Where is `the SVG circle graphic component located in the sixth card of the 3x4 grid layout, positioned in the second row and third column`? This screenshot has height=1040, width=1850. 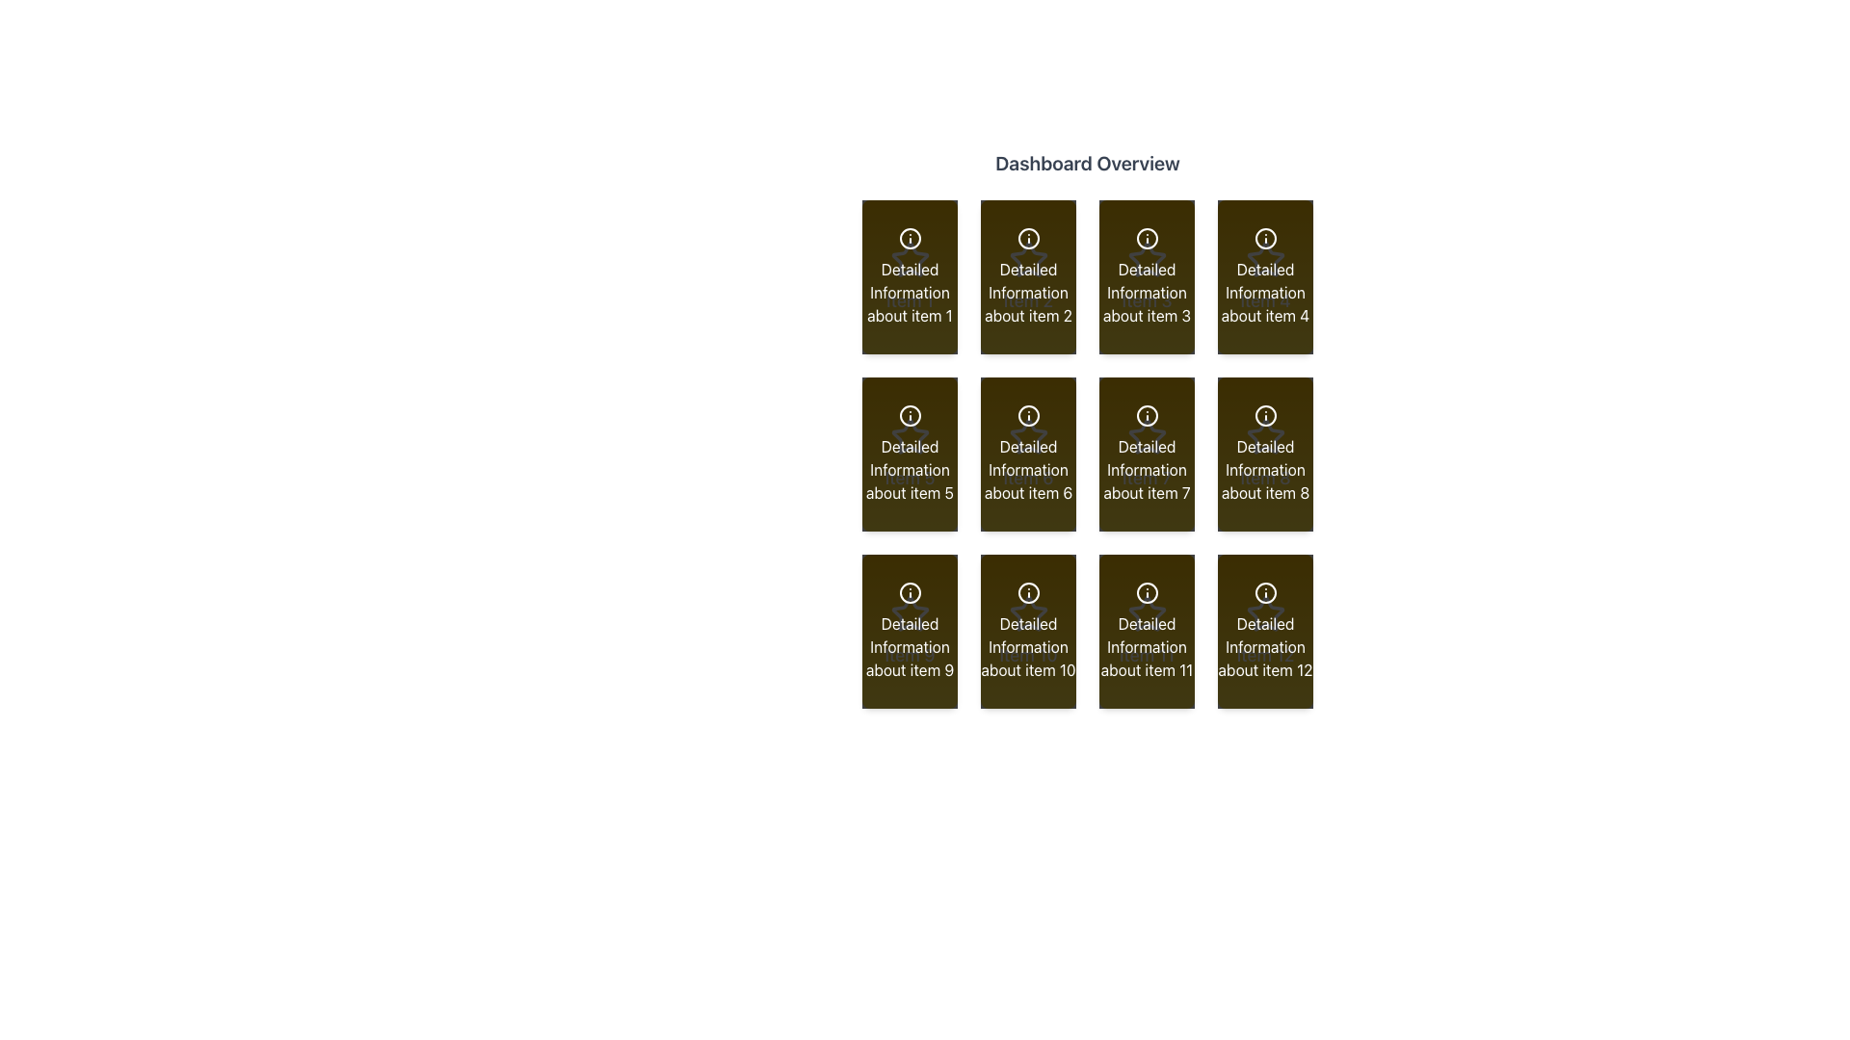 the SVG circle graphic component located in the sixth card of the 3x4 grid layout, positioned in the second row and third column is located at coordinates (1027, 415).